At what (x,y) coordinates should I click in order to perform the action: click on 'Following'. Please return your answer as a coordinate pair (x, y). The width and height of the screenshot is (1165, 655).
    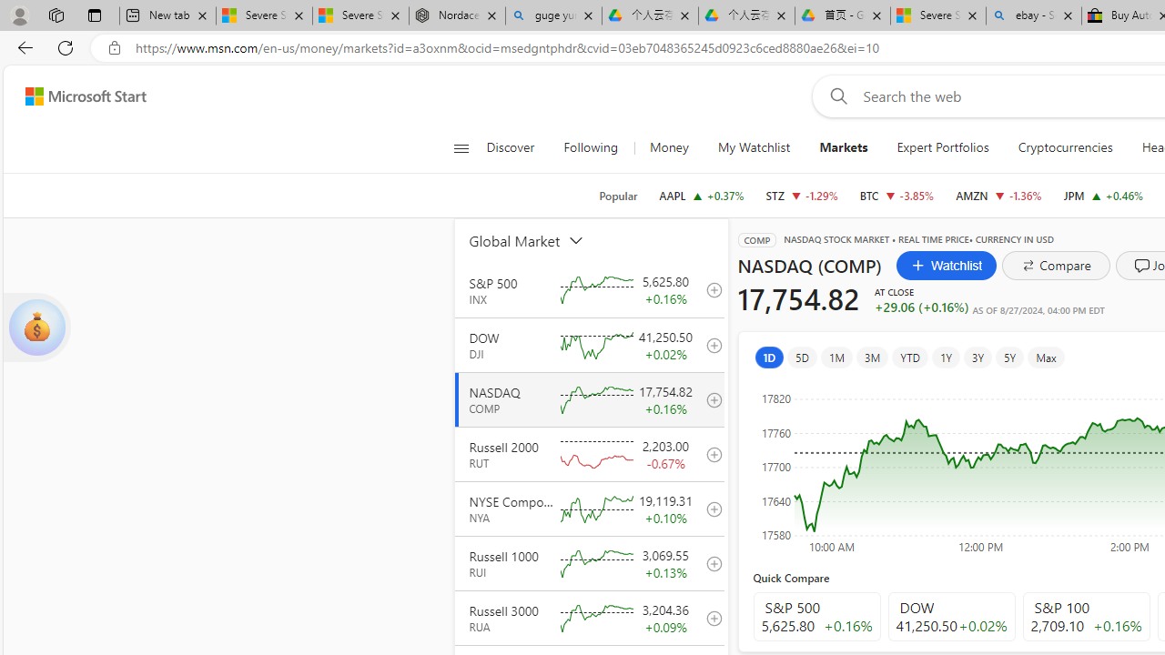
    Looking at the image, I should click on (592, 147).